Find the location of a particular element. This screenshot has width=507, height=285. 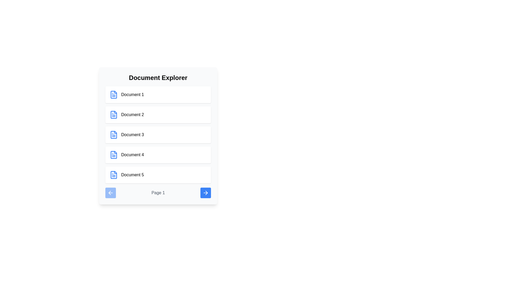

the file icon with a blue outline next to the label 'Document 5' in the 'Document Explorer' list is located at coordinates (114, 175).